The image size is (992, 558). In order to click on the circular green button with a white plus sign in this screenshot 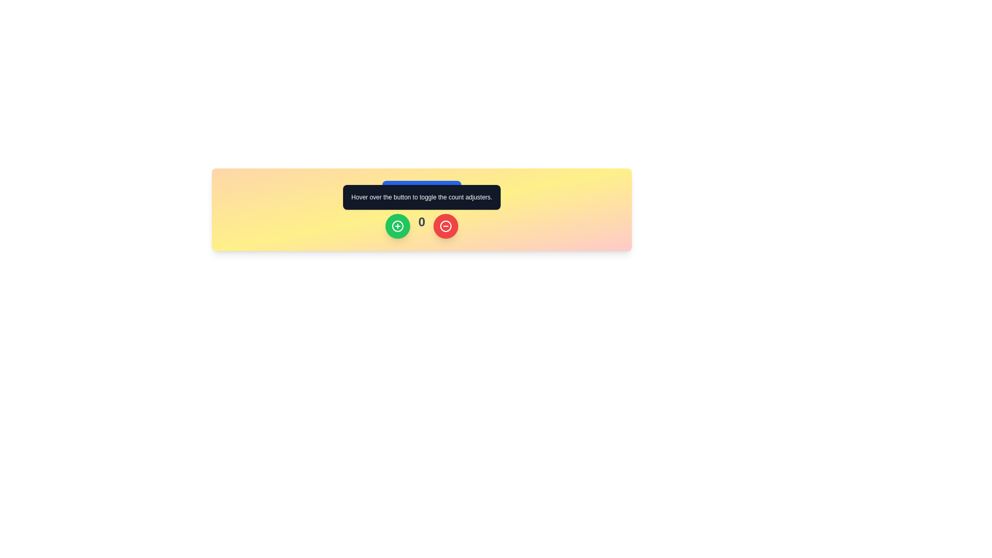, I will do `click(397, 226)`.